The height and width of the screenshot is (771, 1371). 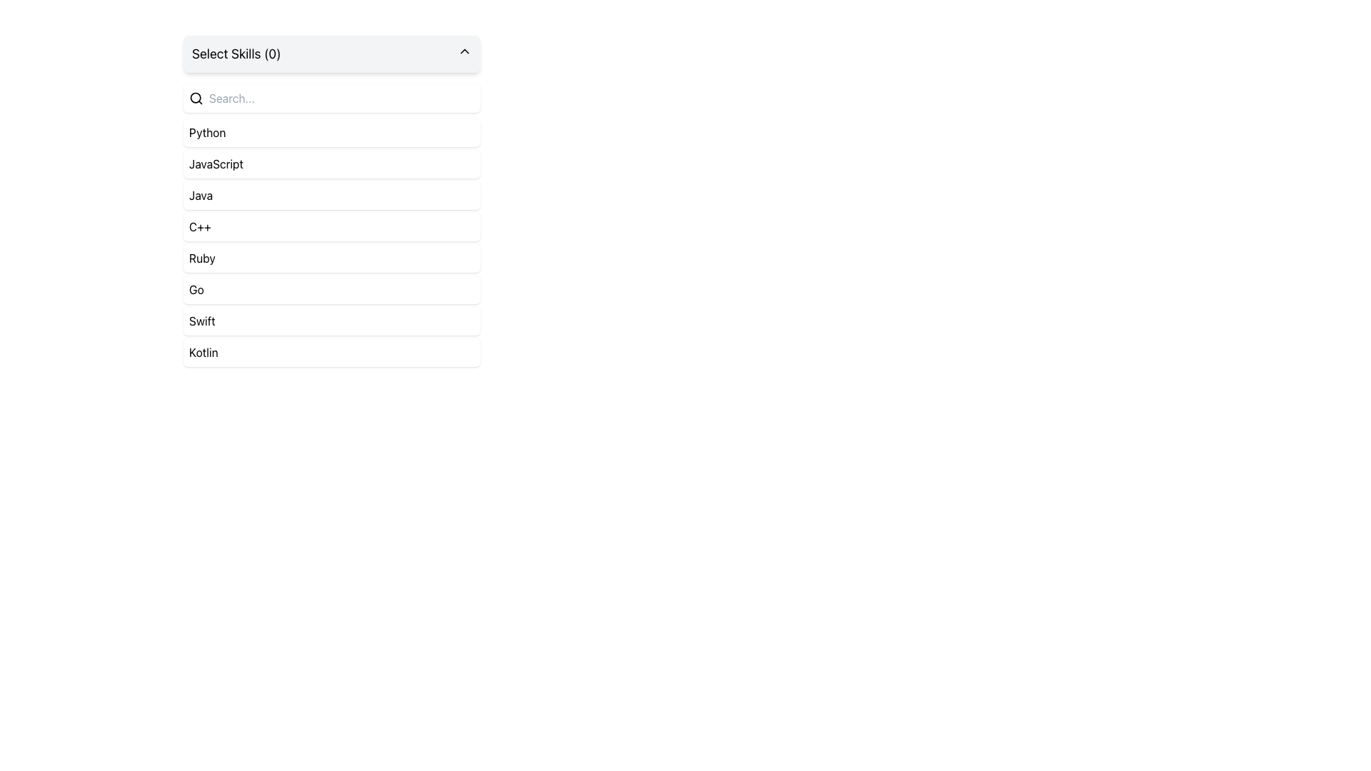 What do you see at coordinates (331, 163) in the screenshot?
I see `the second list item` at bounding box center [331, 163].